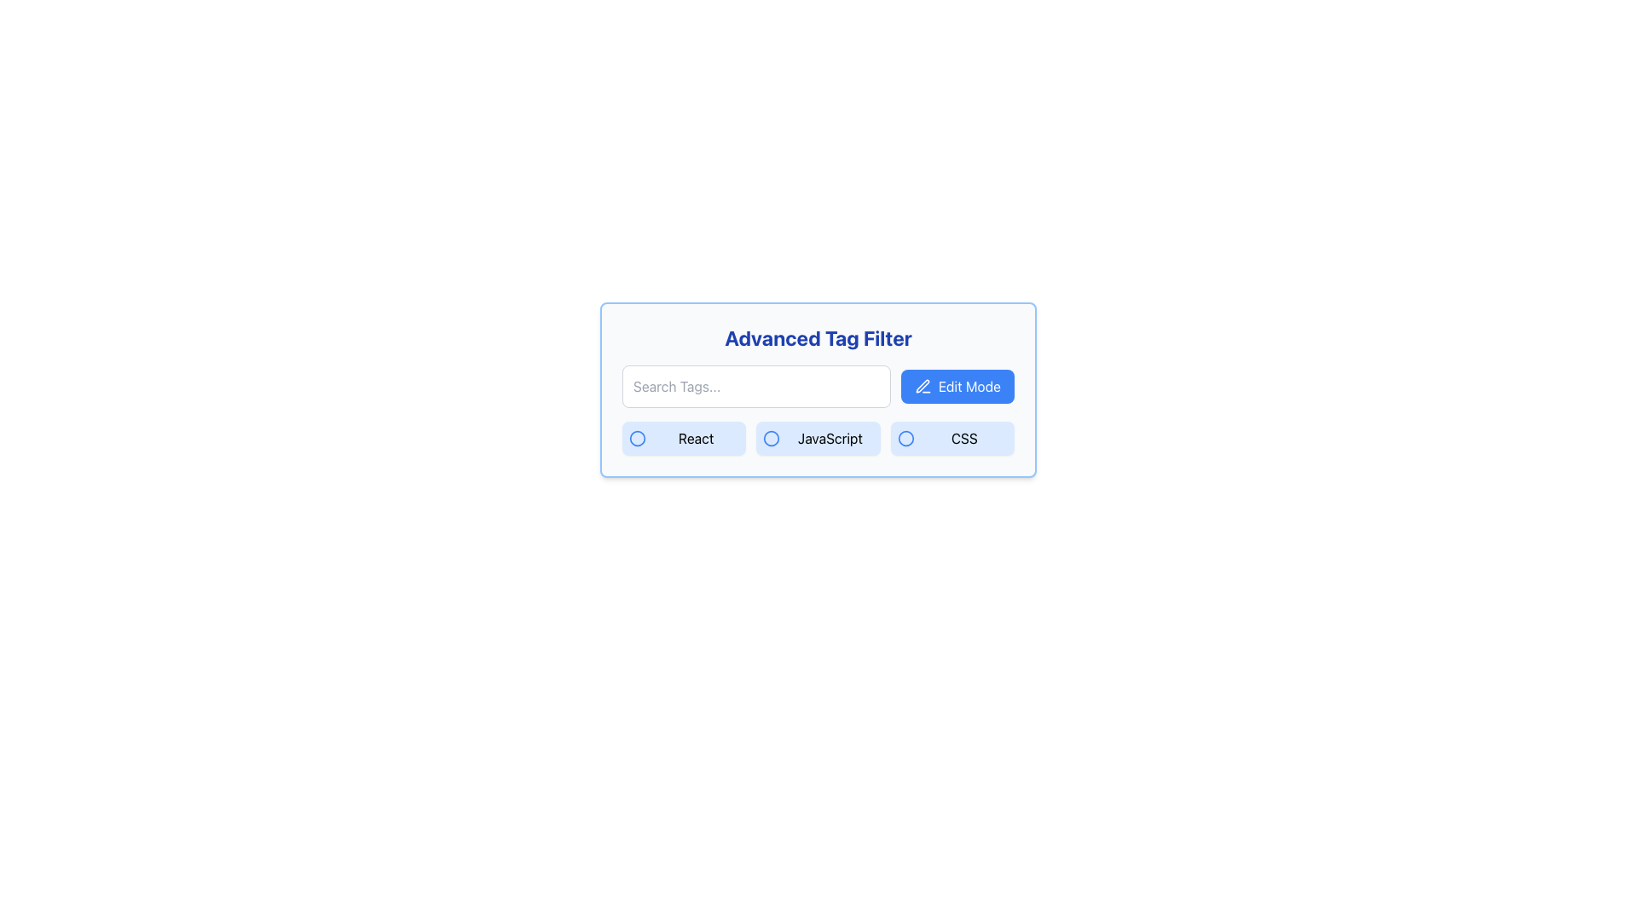  Describe the element at coordinates (905, 438) in the screenshot. I see `the circular icon with a blue border located to the left of the text 'CSS'` at that location.